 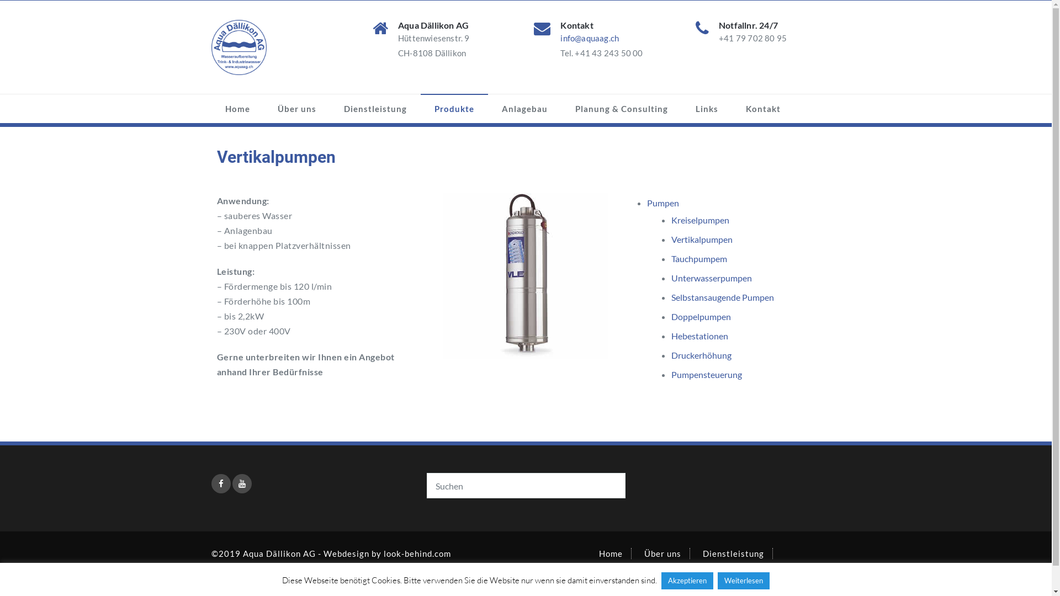 I want to click on 'Planung & Consulting', so click(x=621, y=108).